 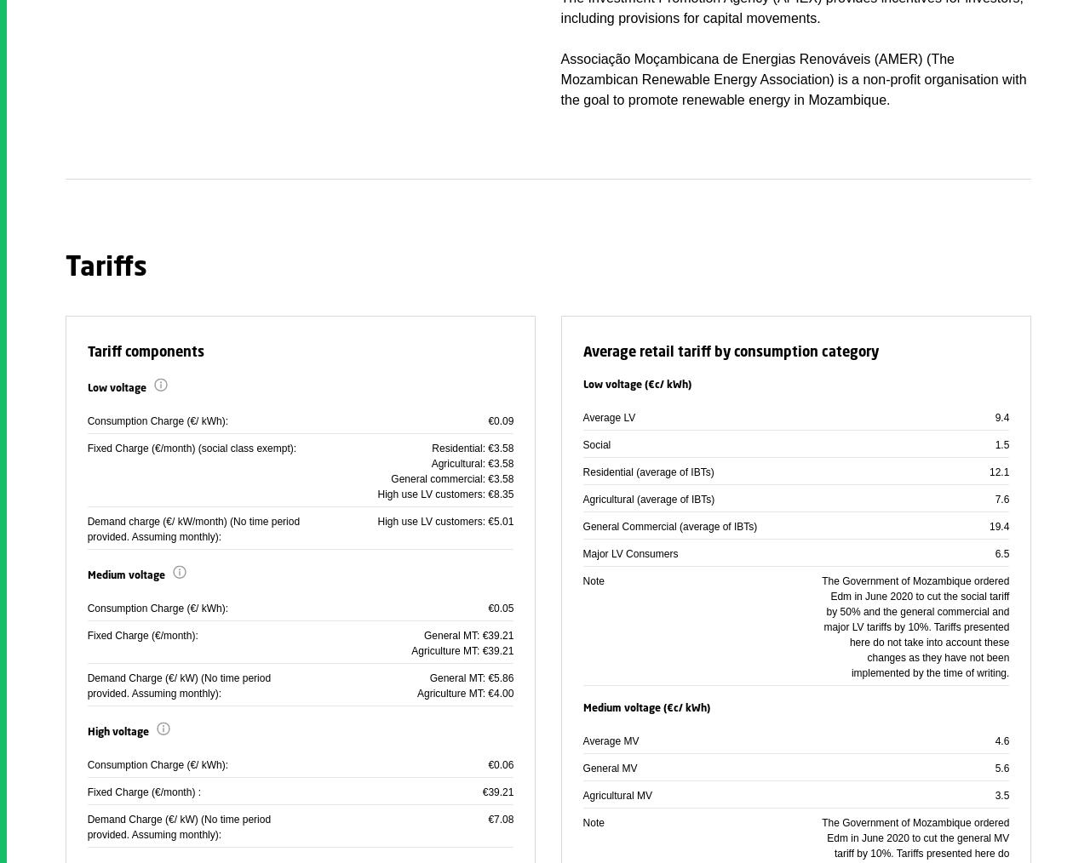 I want to click on 'General commercial: €3.58', so click(x=451, y=477).